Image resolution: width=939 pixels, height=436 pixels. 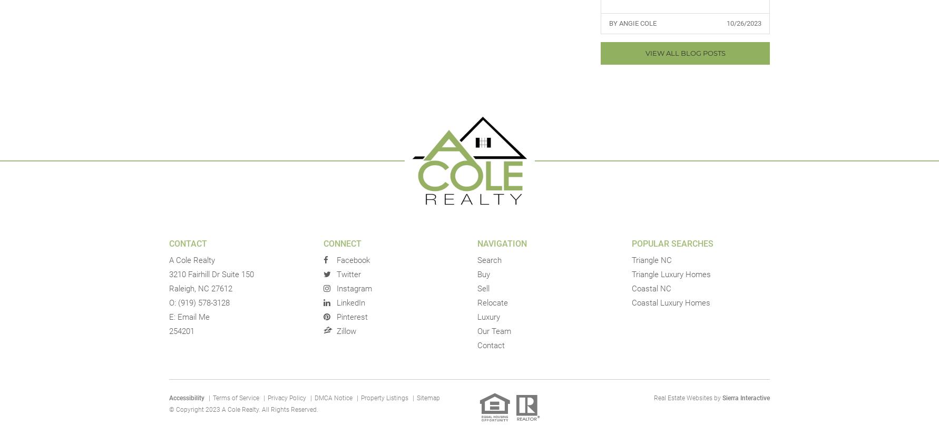 I want to click on '10/26/2023', so click(x=726, y=22).